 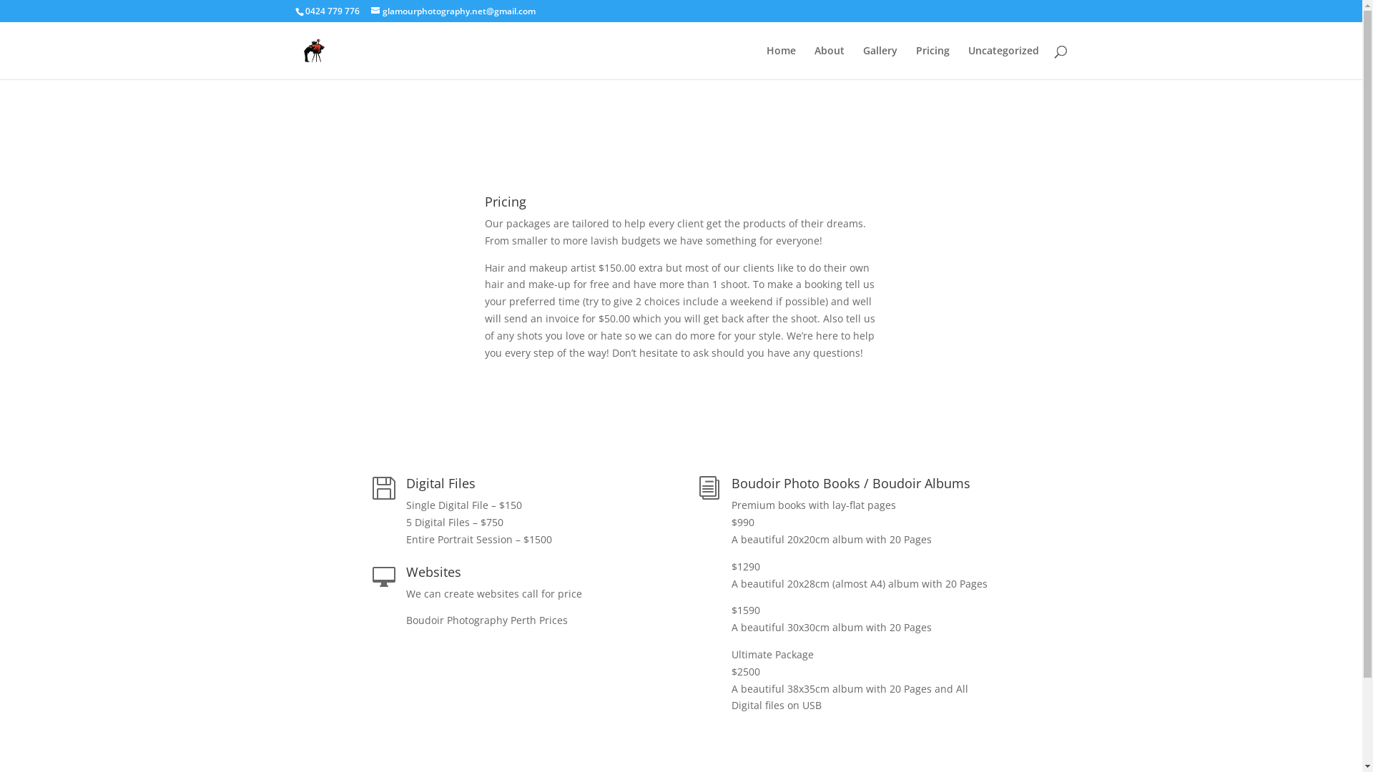 What do you see at coordinates (452, 11) in the screenshot?
I see `'glamourphotography.net@gmail.com'` at bounding box center [452, 11].